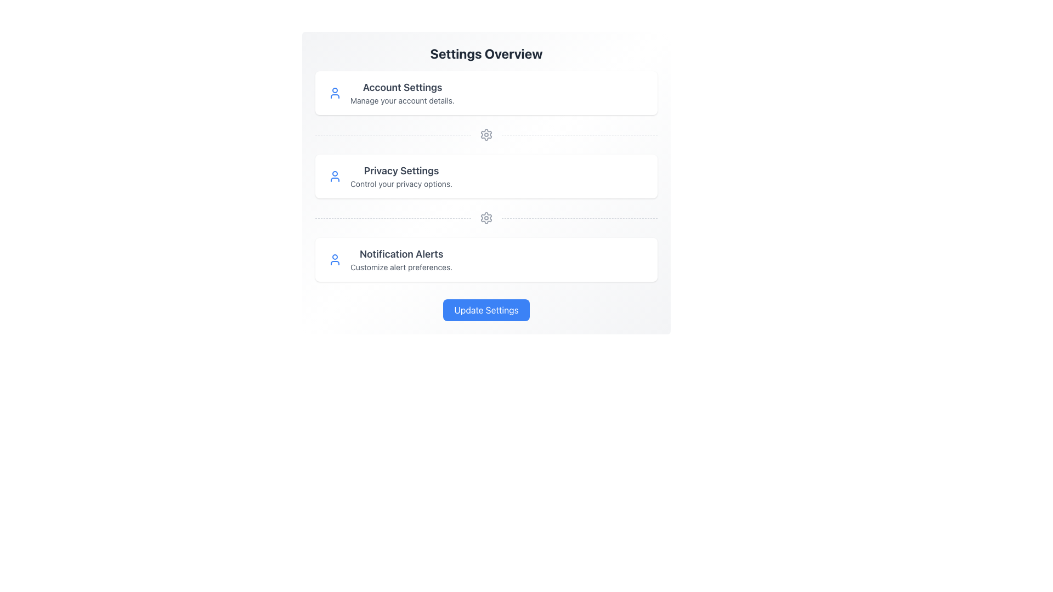 The width and height of the screenshot is (1053, 592). What do you see at coordinates (401, 267) in the screenshot?
I see `the Text Label that describes the 'Notification Alerts' section, located in the bottom panel beneath its header` at bounding box center [401, 267].